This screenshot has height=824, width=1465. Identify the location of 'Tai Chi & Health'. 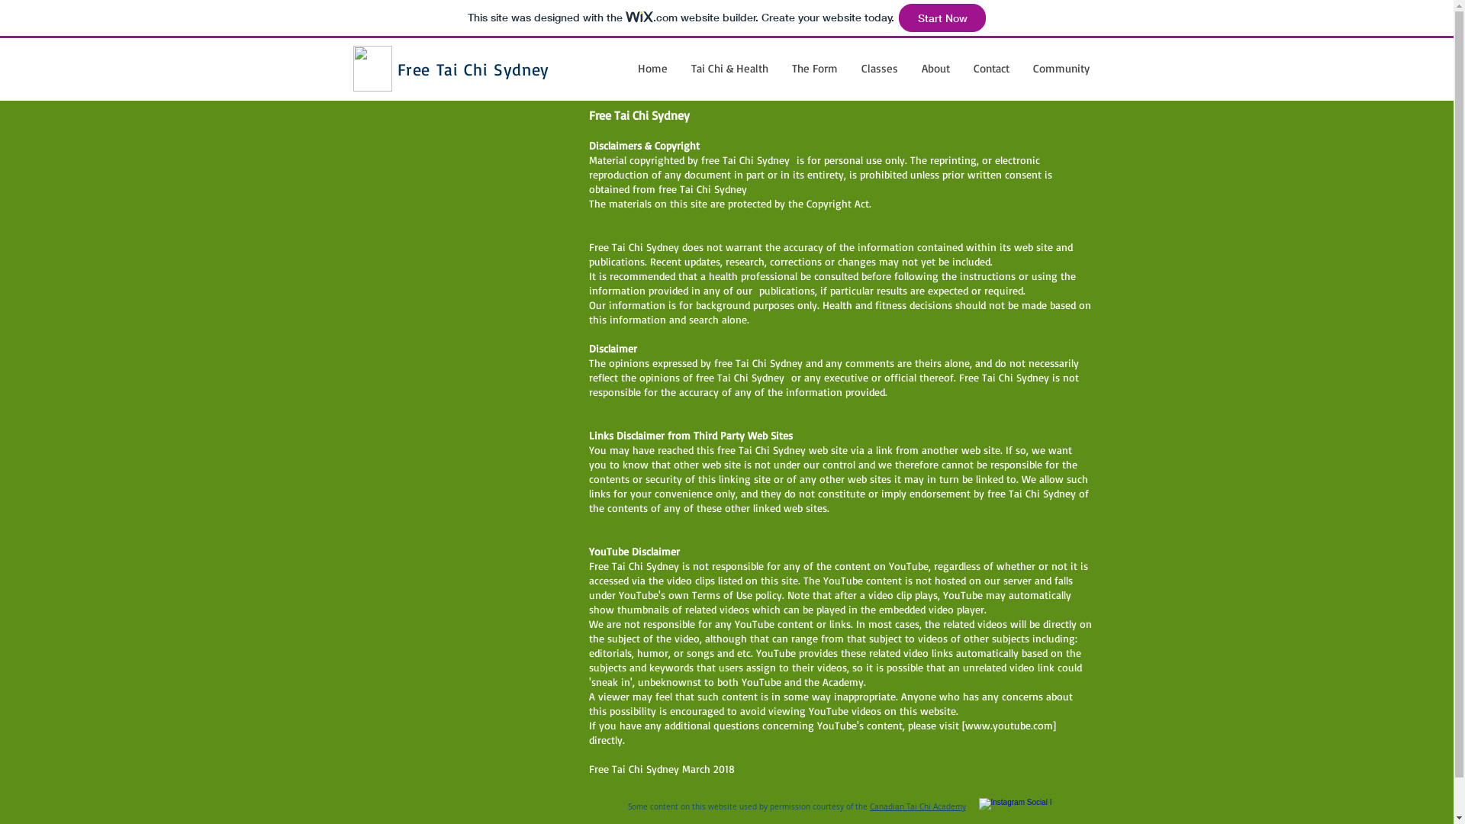
(728, 67).